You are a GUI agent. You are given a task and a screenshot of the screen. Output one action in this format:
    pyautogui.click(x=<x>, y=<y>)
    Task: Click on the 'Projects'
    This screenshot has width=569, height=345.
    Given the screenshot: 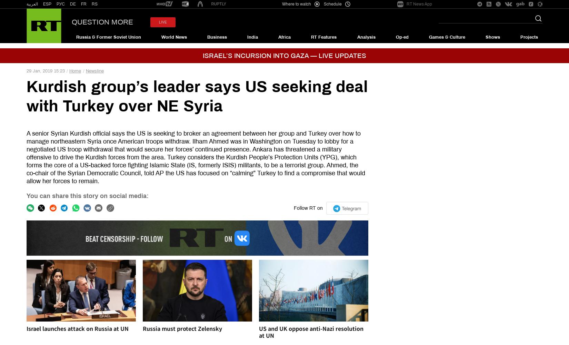 What is the action you would take?
    pyautogui.click(x=528, y=37)
    